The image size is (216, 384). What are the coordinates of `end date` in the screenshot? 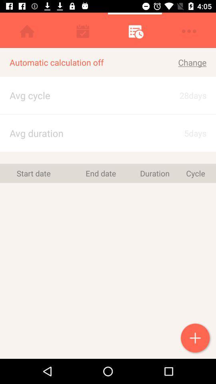 It's located at (101, 173).